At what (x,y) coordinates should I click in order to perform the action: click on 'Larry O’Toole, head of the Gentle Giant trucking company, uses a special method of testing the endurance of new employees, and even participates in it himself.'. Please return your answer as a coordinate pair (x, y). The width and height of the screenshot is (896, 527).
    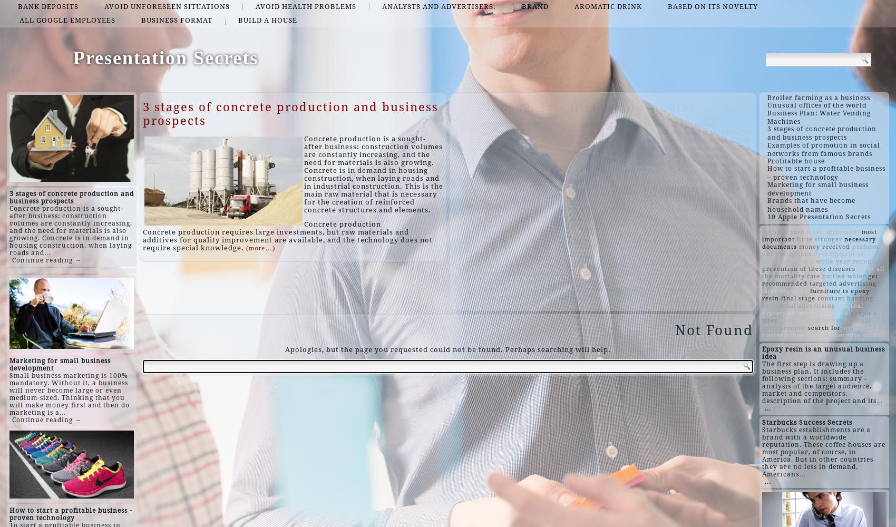
    Looking at the image, I should click on (482, 289).